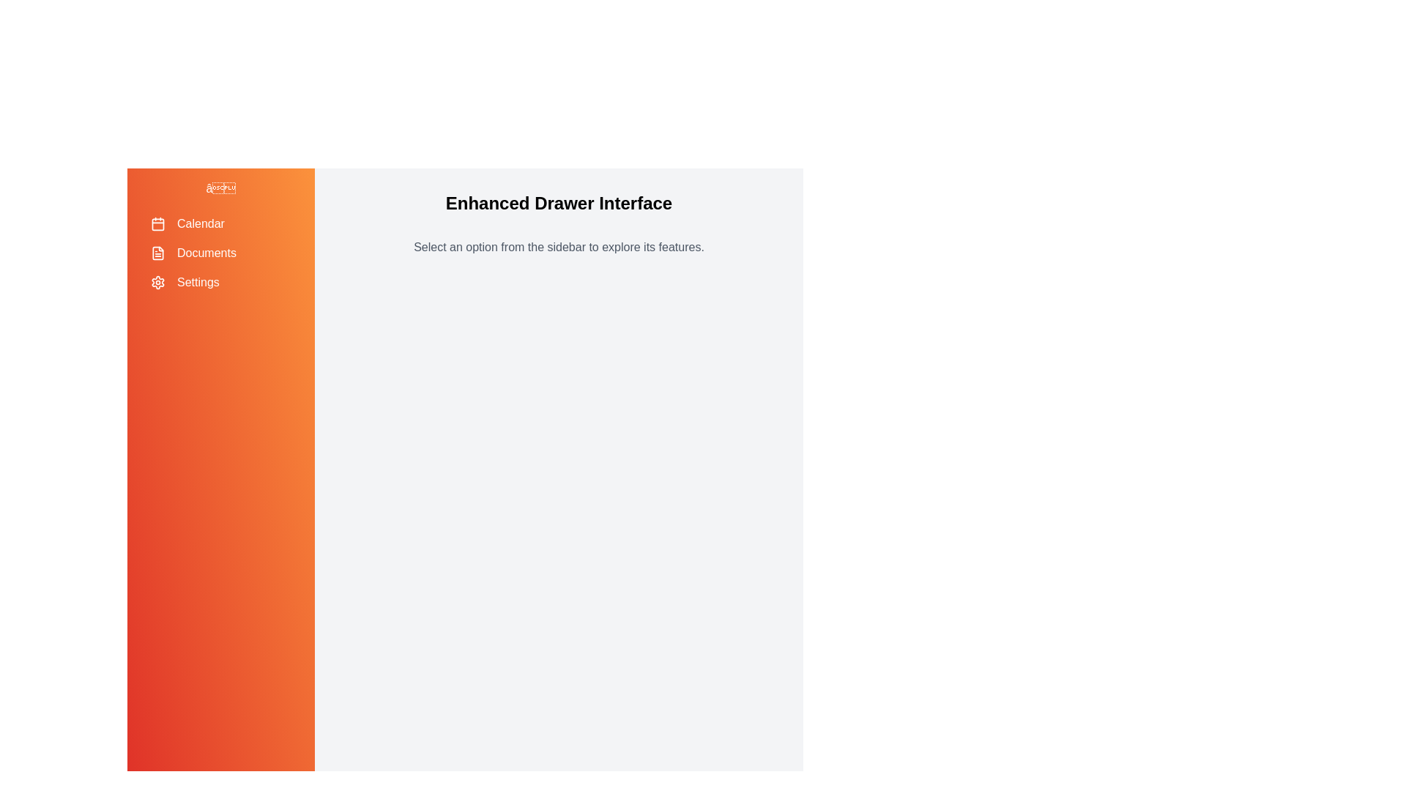 The width and height of the screenshot is (1406, 791). I want to click on the icon for Documents in the sidebar, so click(158, 253).